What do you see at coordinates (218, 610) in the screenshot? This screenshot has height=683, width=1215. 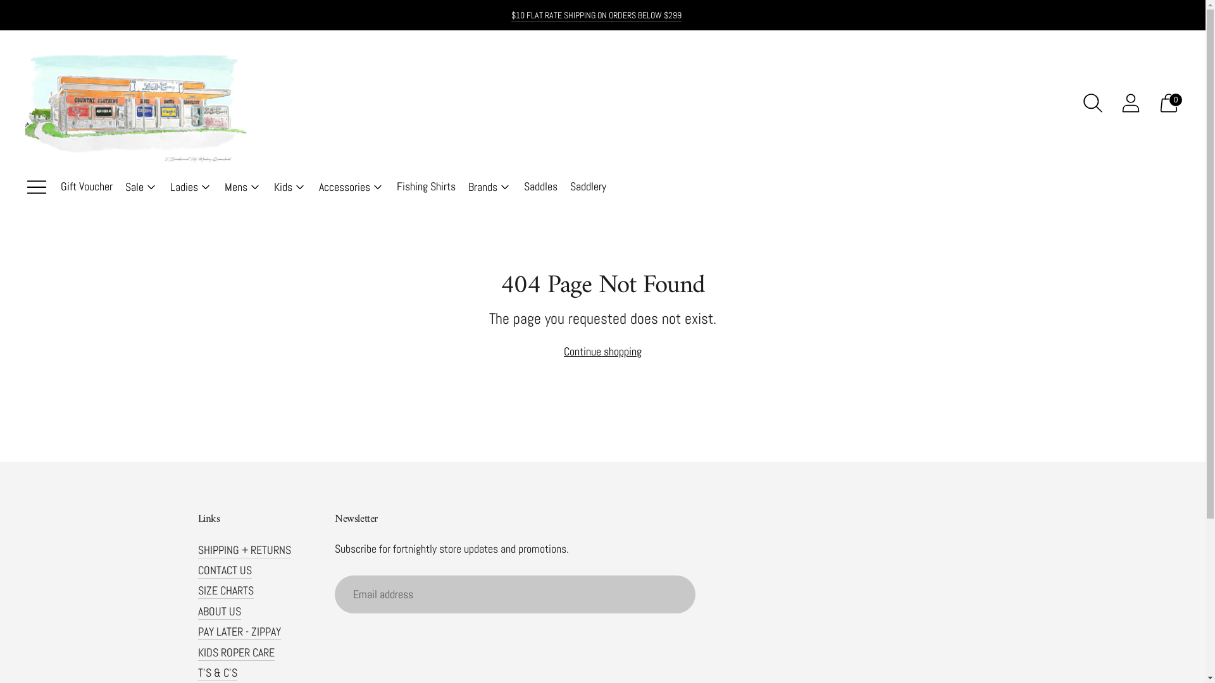 I see `'ABOUT US'` at bounding box center [218, 610].